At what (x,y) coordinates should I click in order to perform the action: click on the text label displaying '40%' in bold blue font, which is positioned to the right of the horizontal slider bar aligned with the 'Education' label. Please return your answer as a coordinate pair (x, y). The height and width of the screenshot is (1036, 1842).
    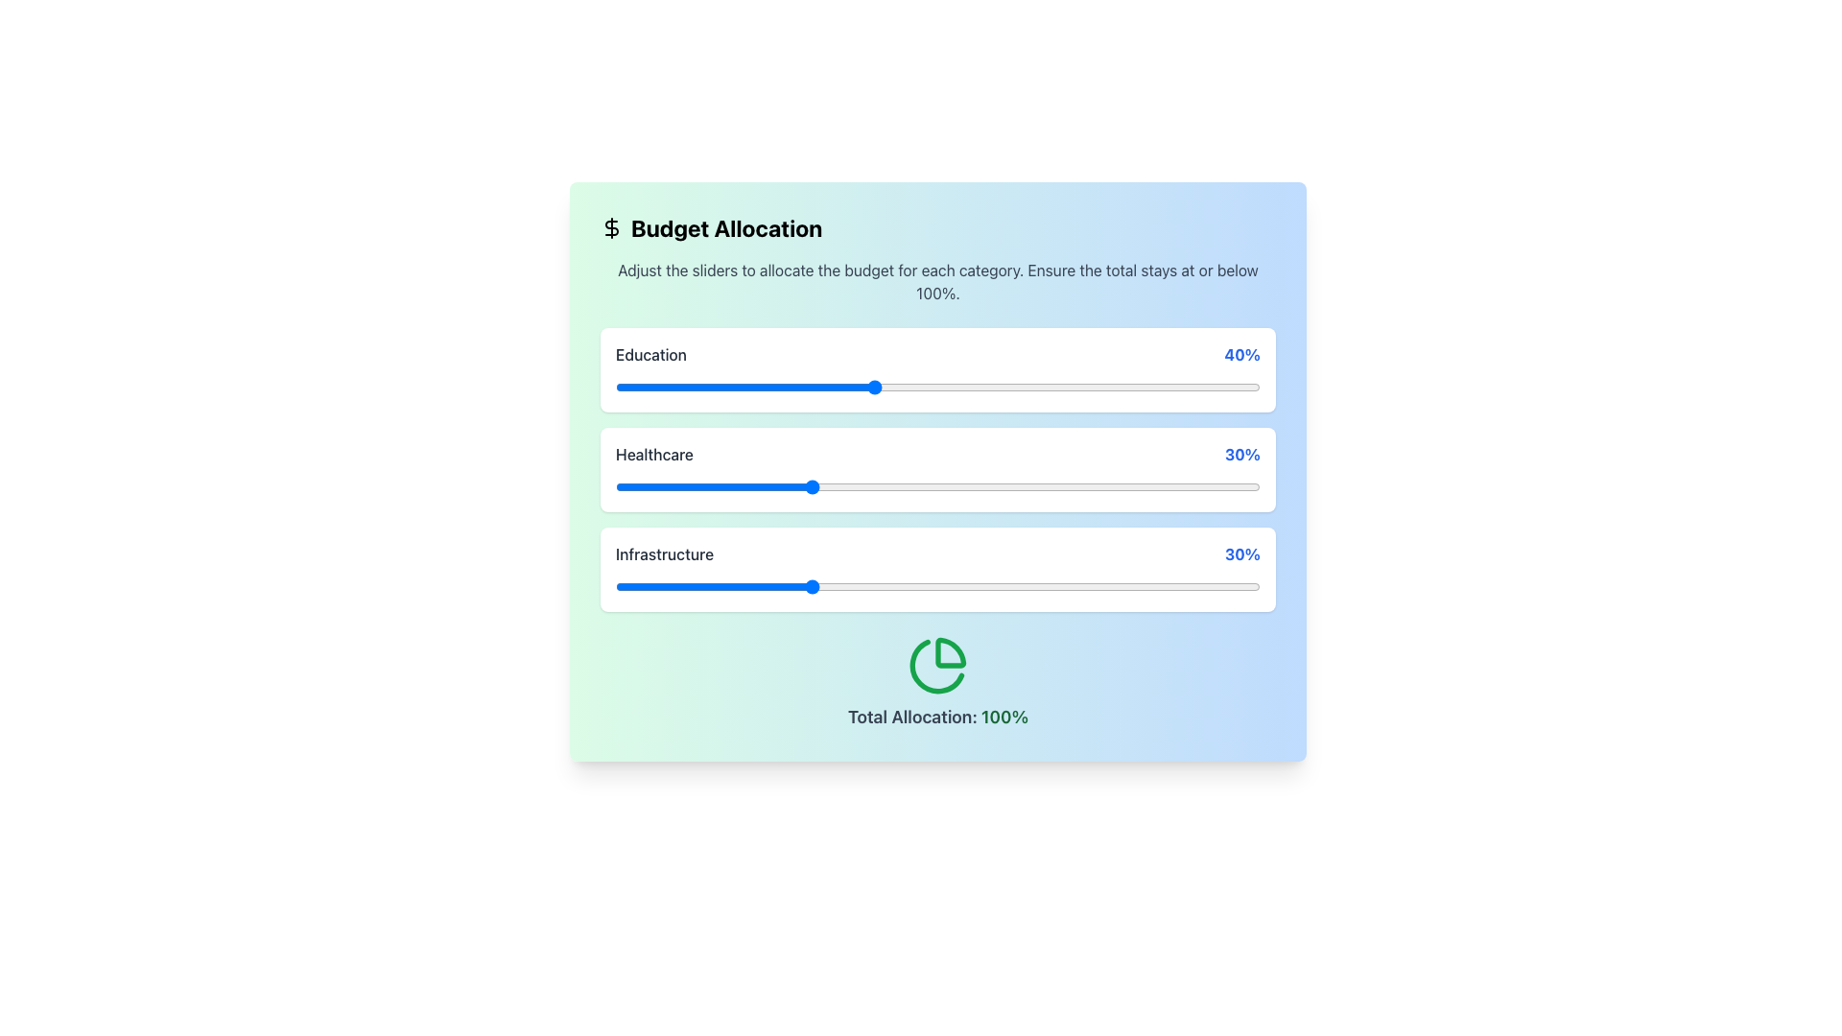
    Looking at the image, I should click on (1242, 355).